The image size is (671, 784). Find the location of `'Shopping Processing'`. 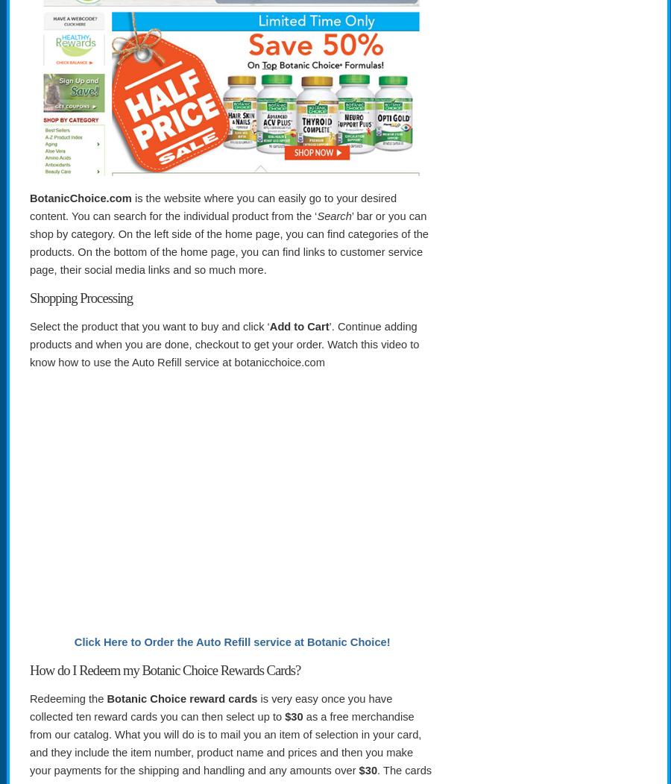

'Shopping Processing' is located at coordinates (80, 296).